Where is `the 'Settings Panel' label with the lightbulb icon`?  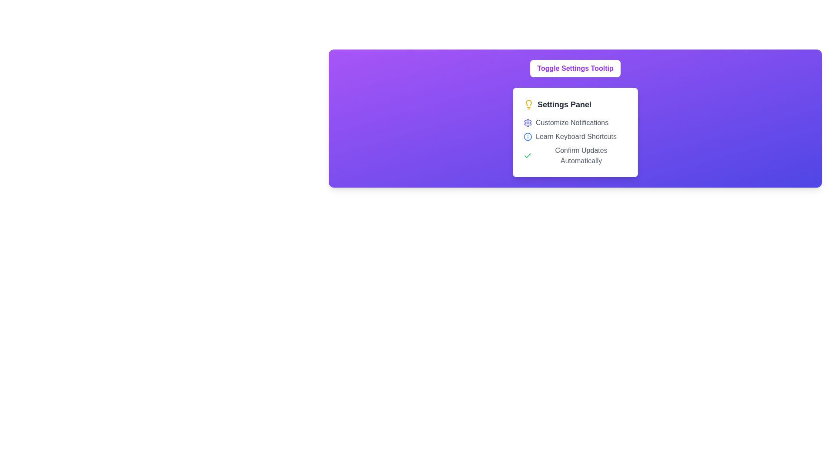
the 'Settings Panel' label with the lightbulb icon is located at coordinates (575, 104).